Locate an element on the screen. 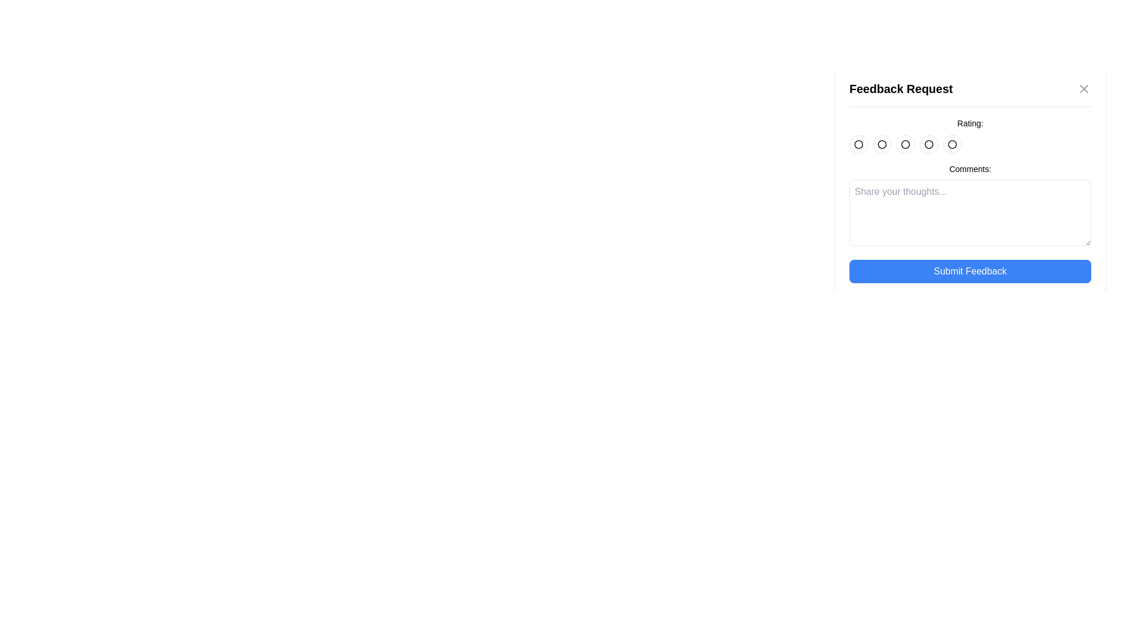 This screenshot has height=632, width=1124. the second circular button near the top-right section of the feedback form is located at coordinates (882, 143).